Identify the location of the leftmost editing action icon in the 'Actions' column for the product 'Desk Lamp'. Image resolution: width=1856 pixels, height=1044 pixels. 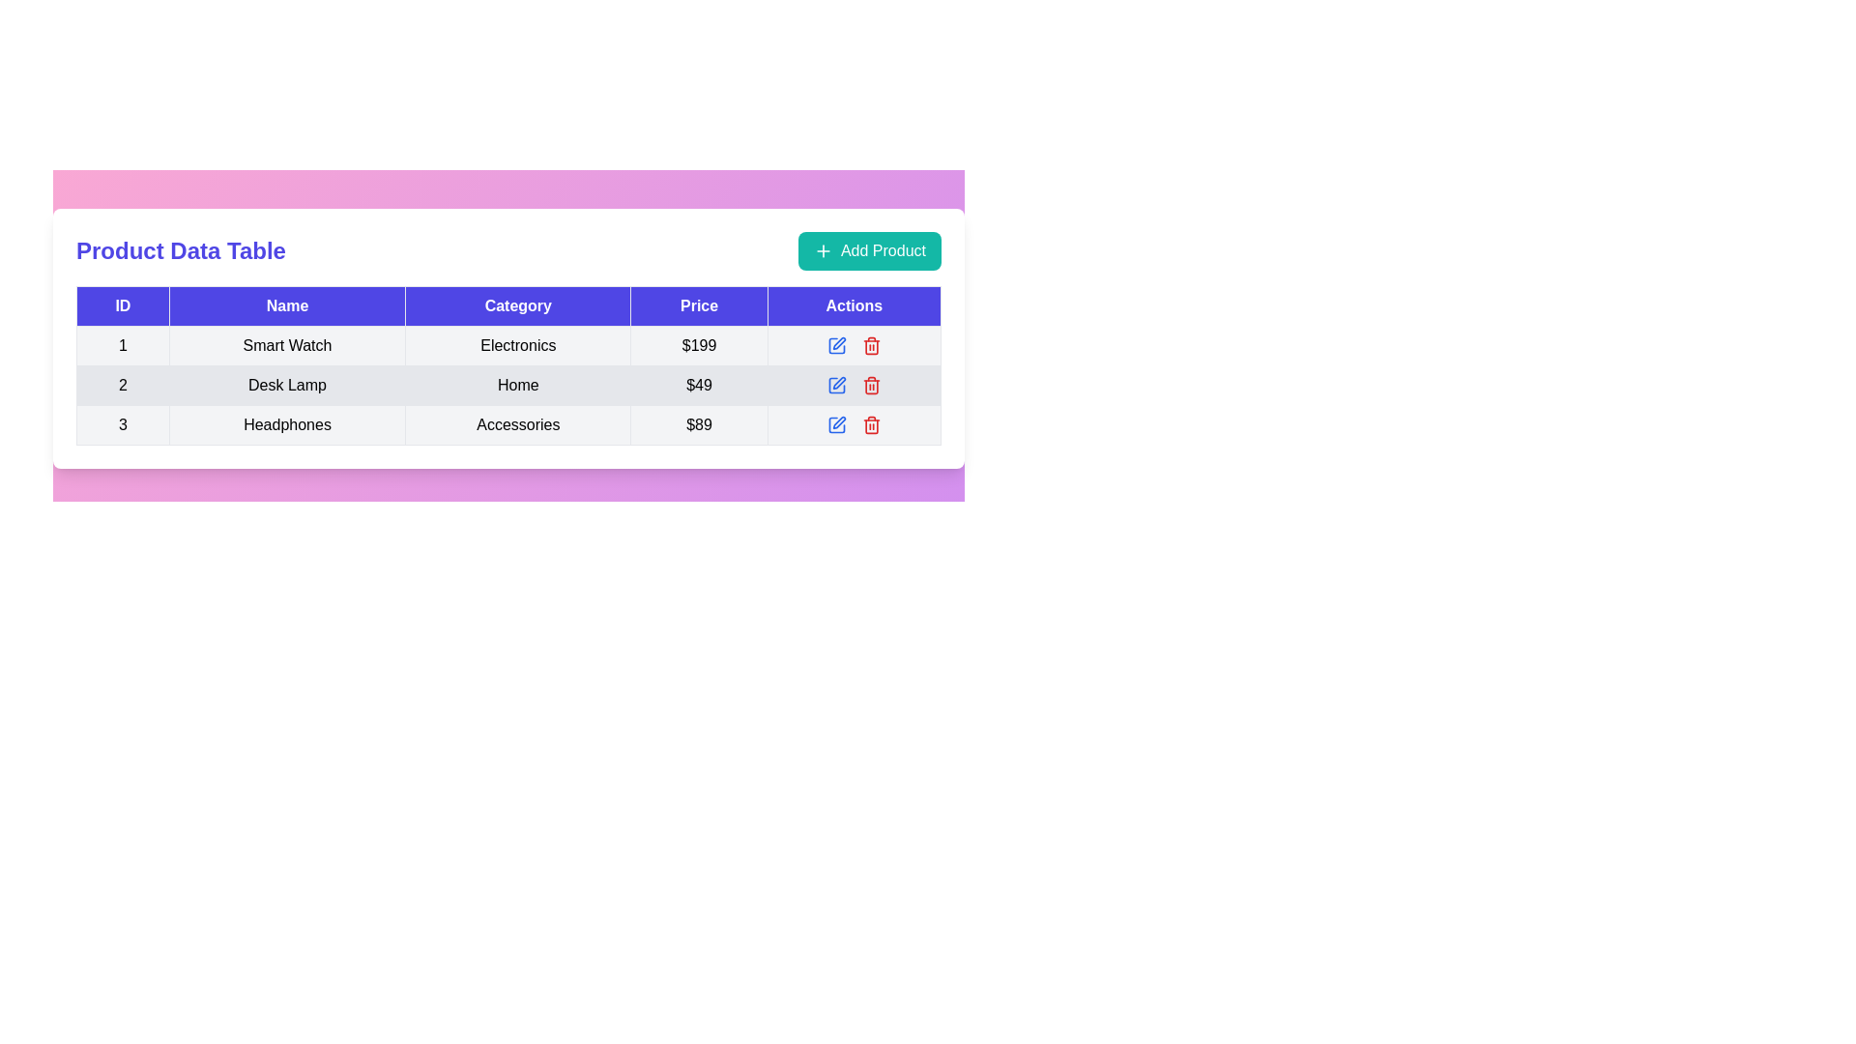
(836, 385).